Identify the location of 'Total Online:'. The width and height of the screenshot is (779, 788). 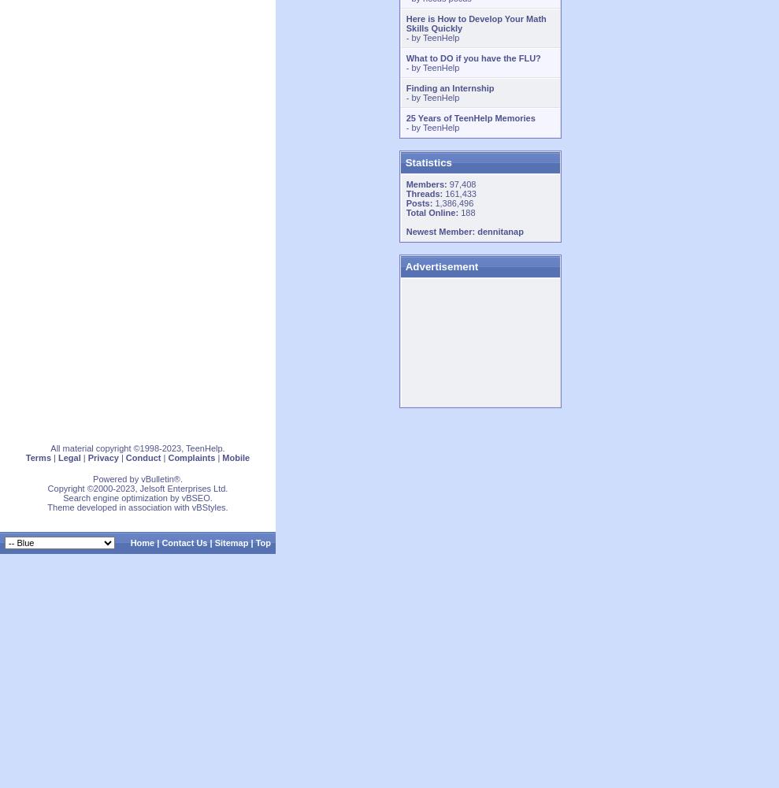
(432, 213).